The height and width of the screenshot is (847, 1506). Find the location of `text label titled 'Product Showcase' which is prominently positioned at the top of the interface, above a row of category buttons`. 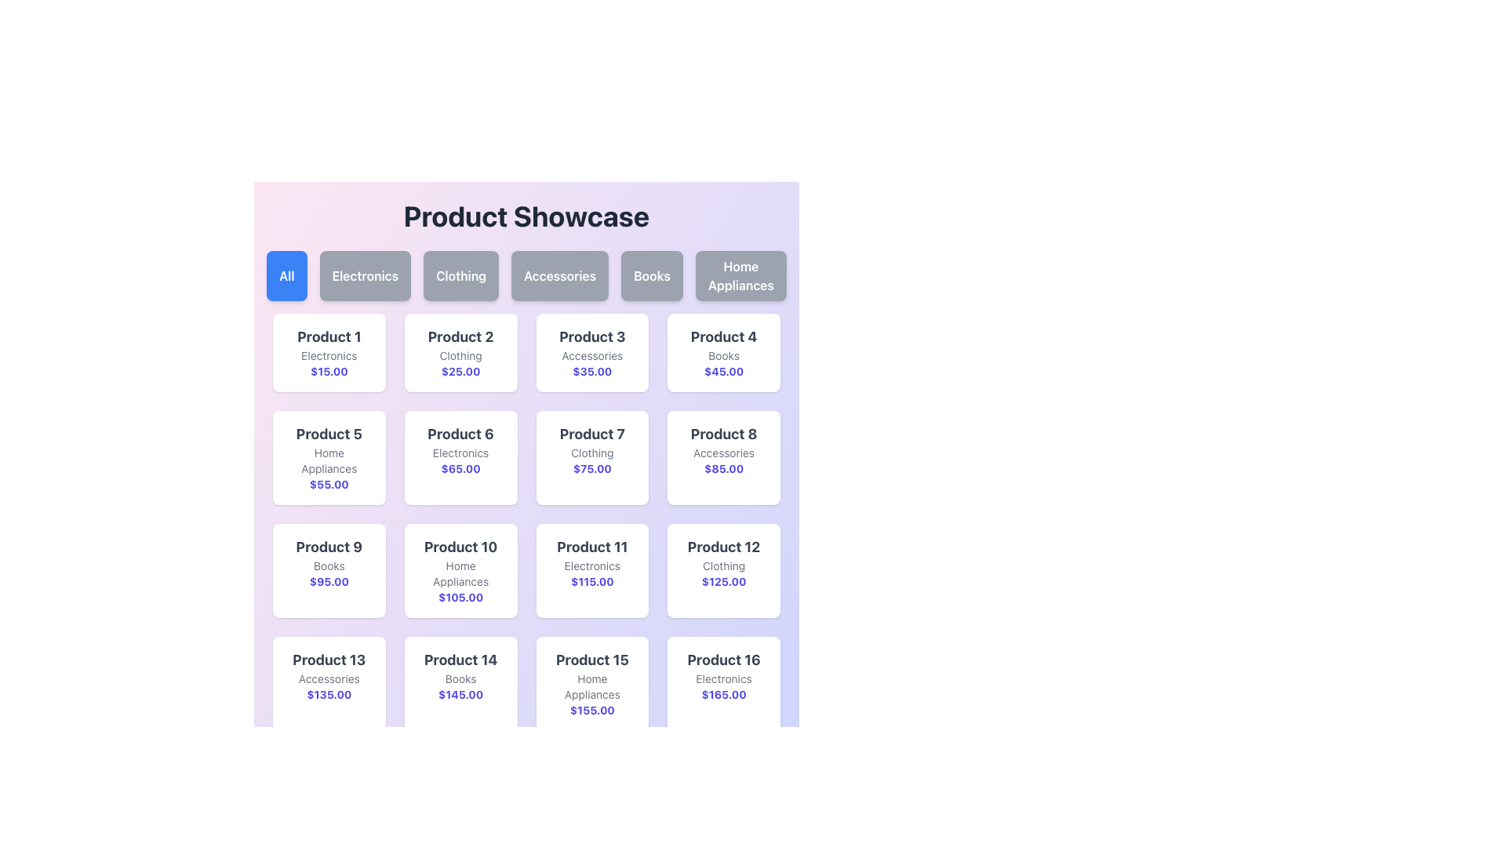

text label titled 'Product Showcase' which is prominently positioned at the top of the interface, above a row of category buttons is located at coordinates (526, 216).